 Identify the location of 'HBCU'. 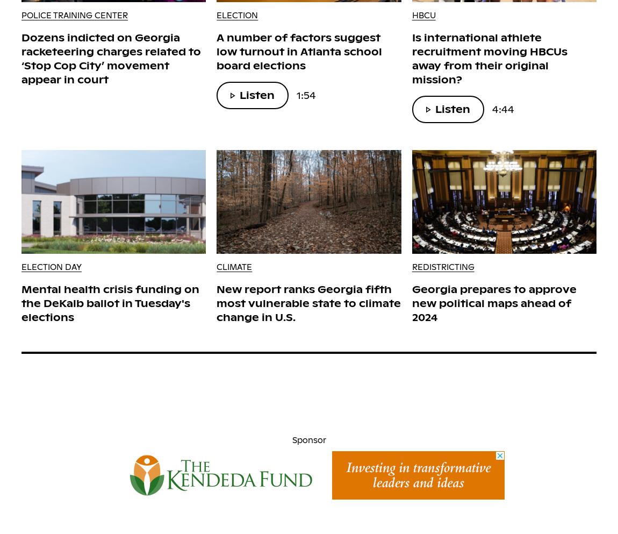
(422, 15).